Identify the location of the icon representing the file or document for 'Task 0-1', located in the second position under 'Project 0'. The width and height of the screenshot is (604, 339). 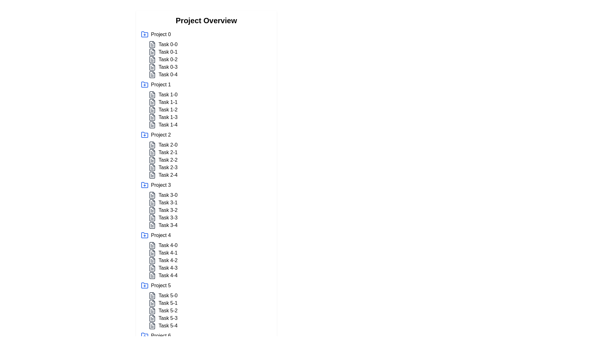
(152, 51).